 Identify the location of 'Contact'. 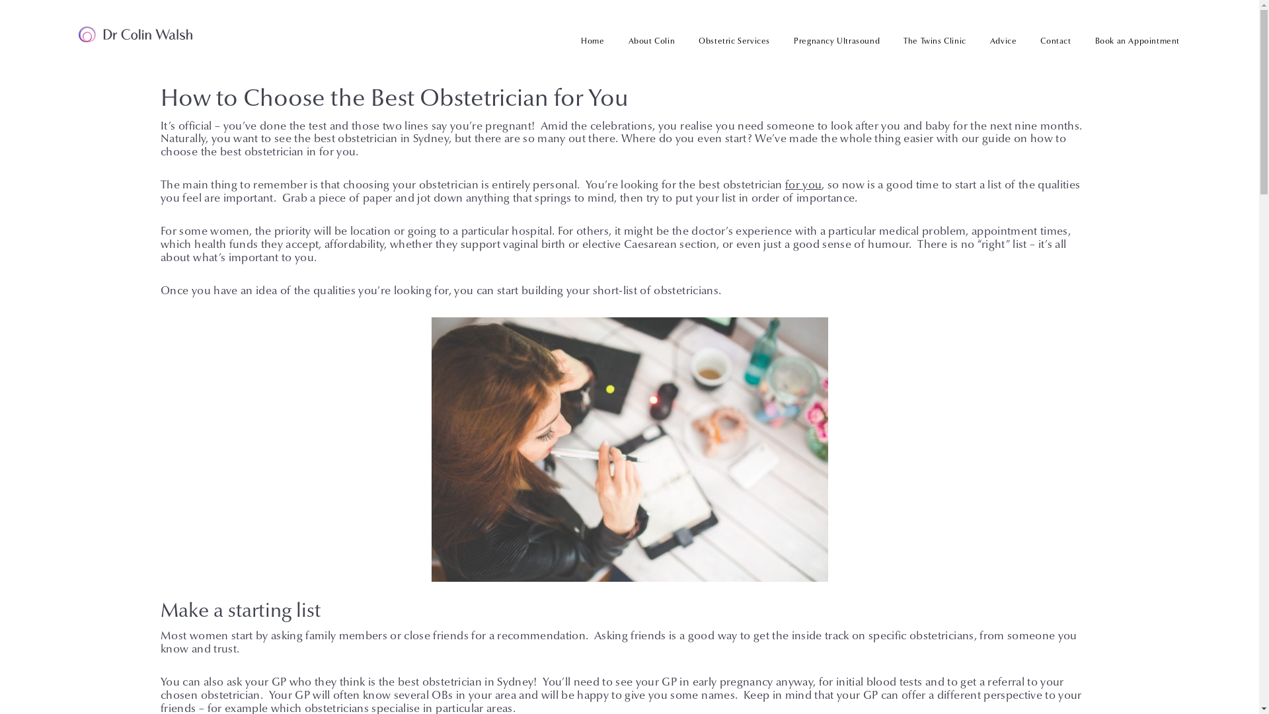
(1027, 40).